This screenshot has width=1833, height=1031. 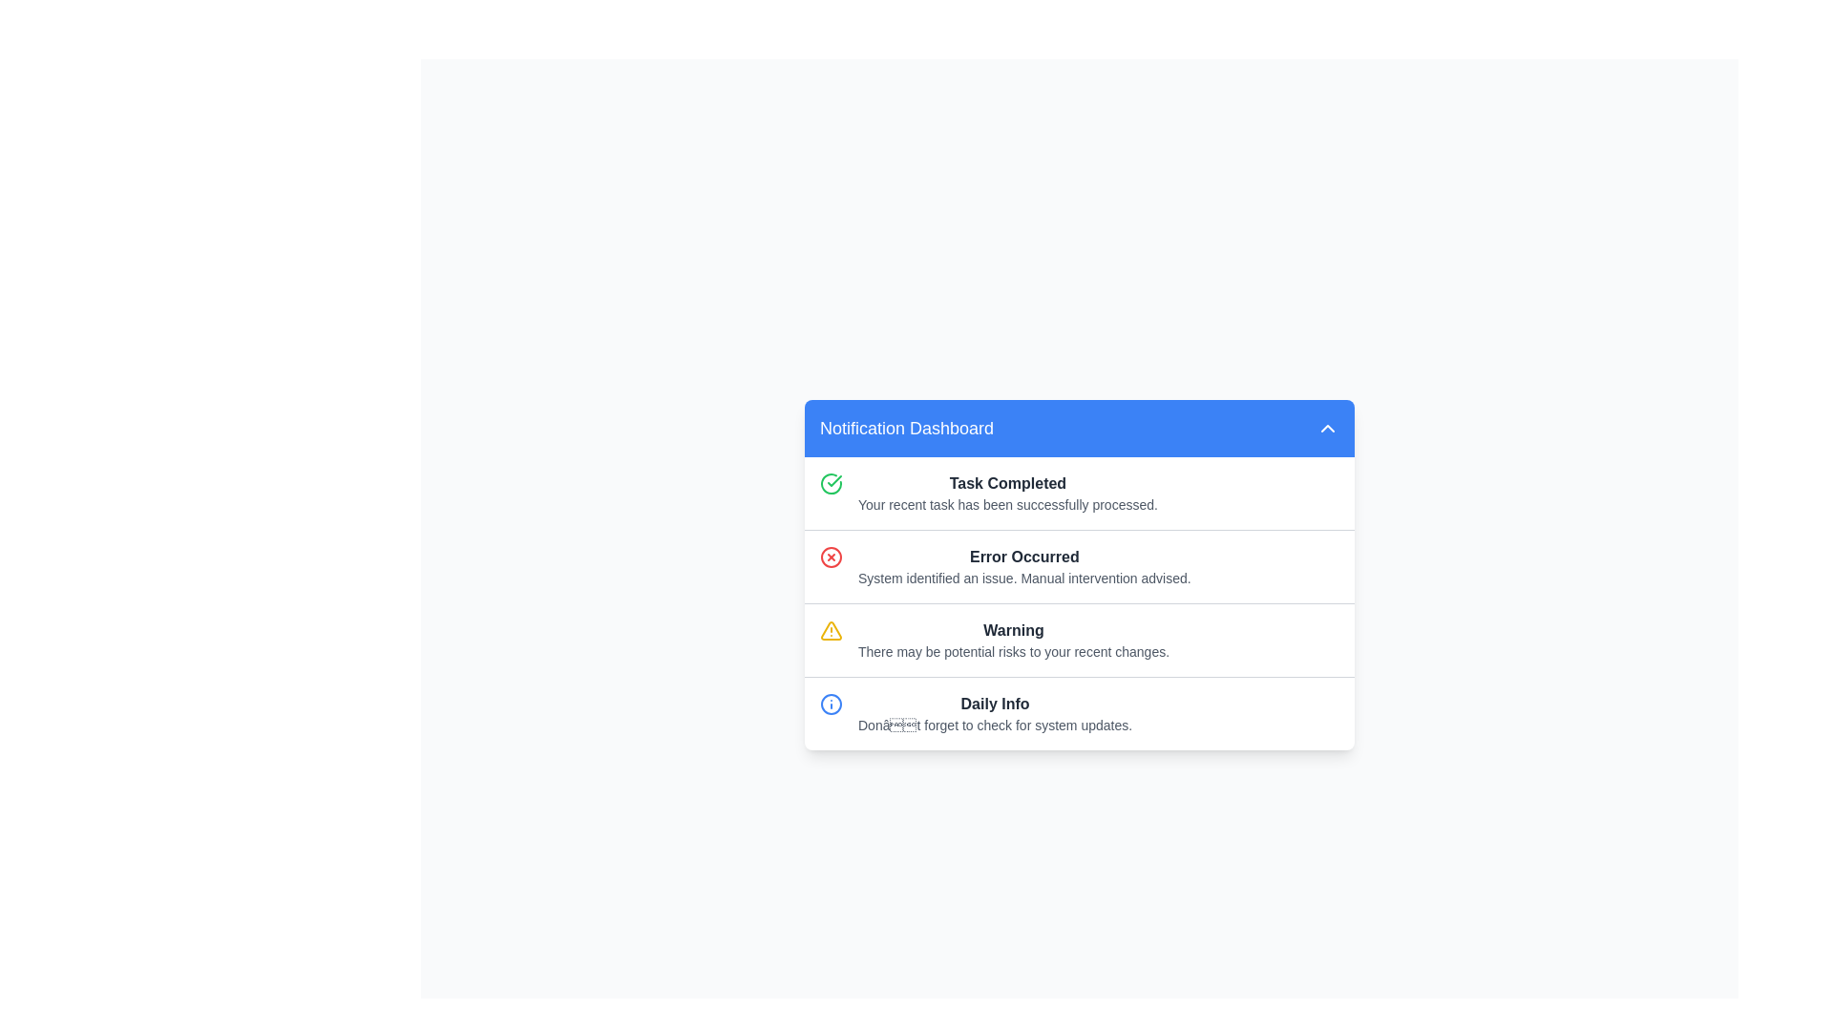 What do you see at coordinates (831, 629) in the screenshot?
I see `the warning icon located in the third row of the notification dashboard, positioned to the left of the text label 'Warning'` at bounding box center [831, 629].